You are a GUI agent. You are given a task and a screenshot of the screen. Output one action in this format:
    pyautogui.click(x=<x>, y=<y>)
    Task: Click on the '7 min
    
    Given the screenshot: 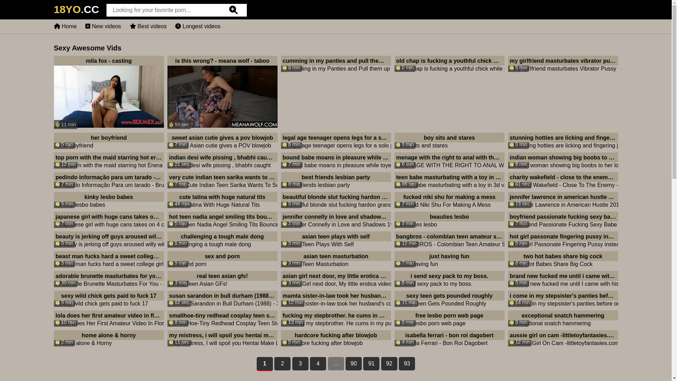 What is the action you would take?
    pyautogui.click(x=449, y=259)
    